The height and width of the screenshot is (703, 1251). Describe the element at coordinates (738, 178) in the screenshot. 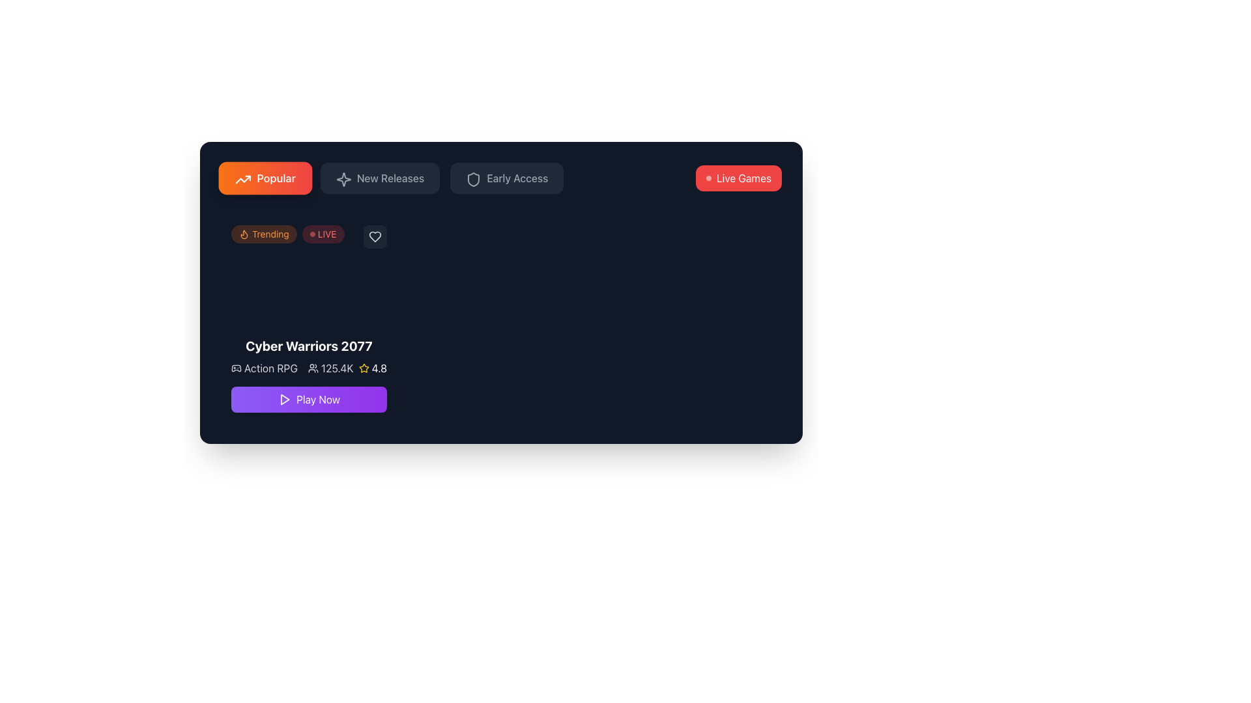

I see `the 'Live Games' button located in the top-right corner of the card` at that location.